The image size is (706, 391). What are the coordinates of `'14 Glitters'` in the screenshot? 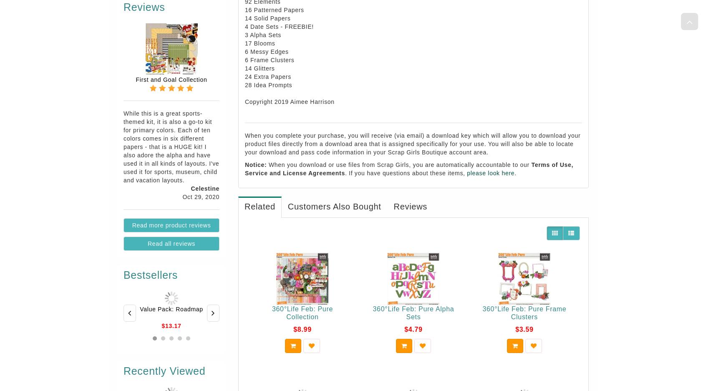 It's located at (259, 68).